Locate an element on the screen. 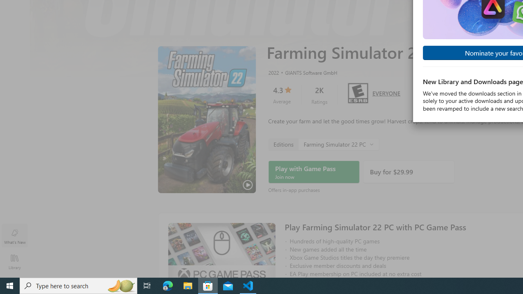  'Age rating: EVERYONE. Click for more information.' is located at coordinates (386, 92).